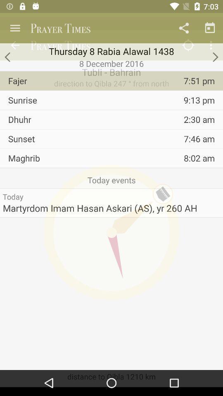  Describe the element at coordinates (7, 57) in the screenshot. I see `shows goback option` at that location.